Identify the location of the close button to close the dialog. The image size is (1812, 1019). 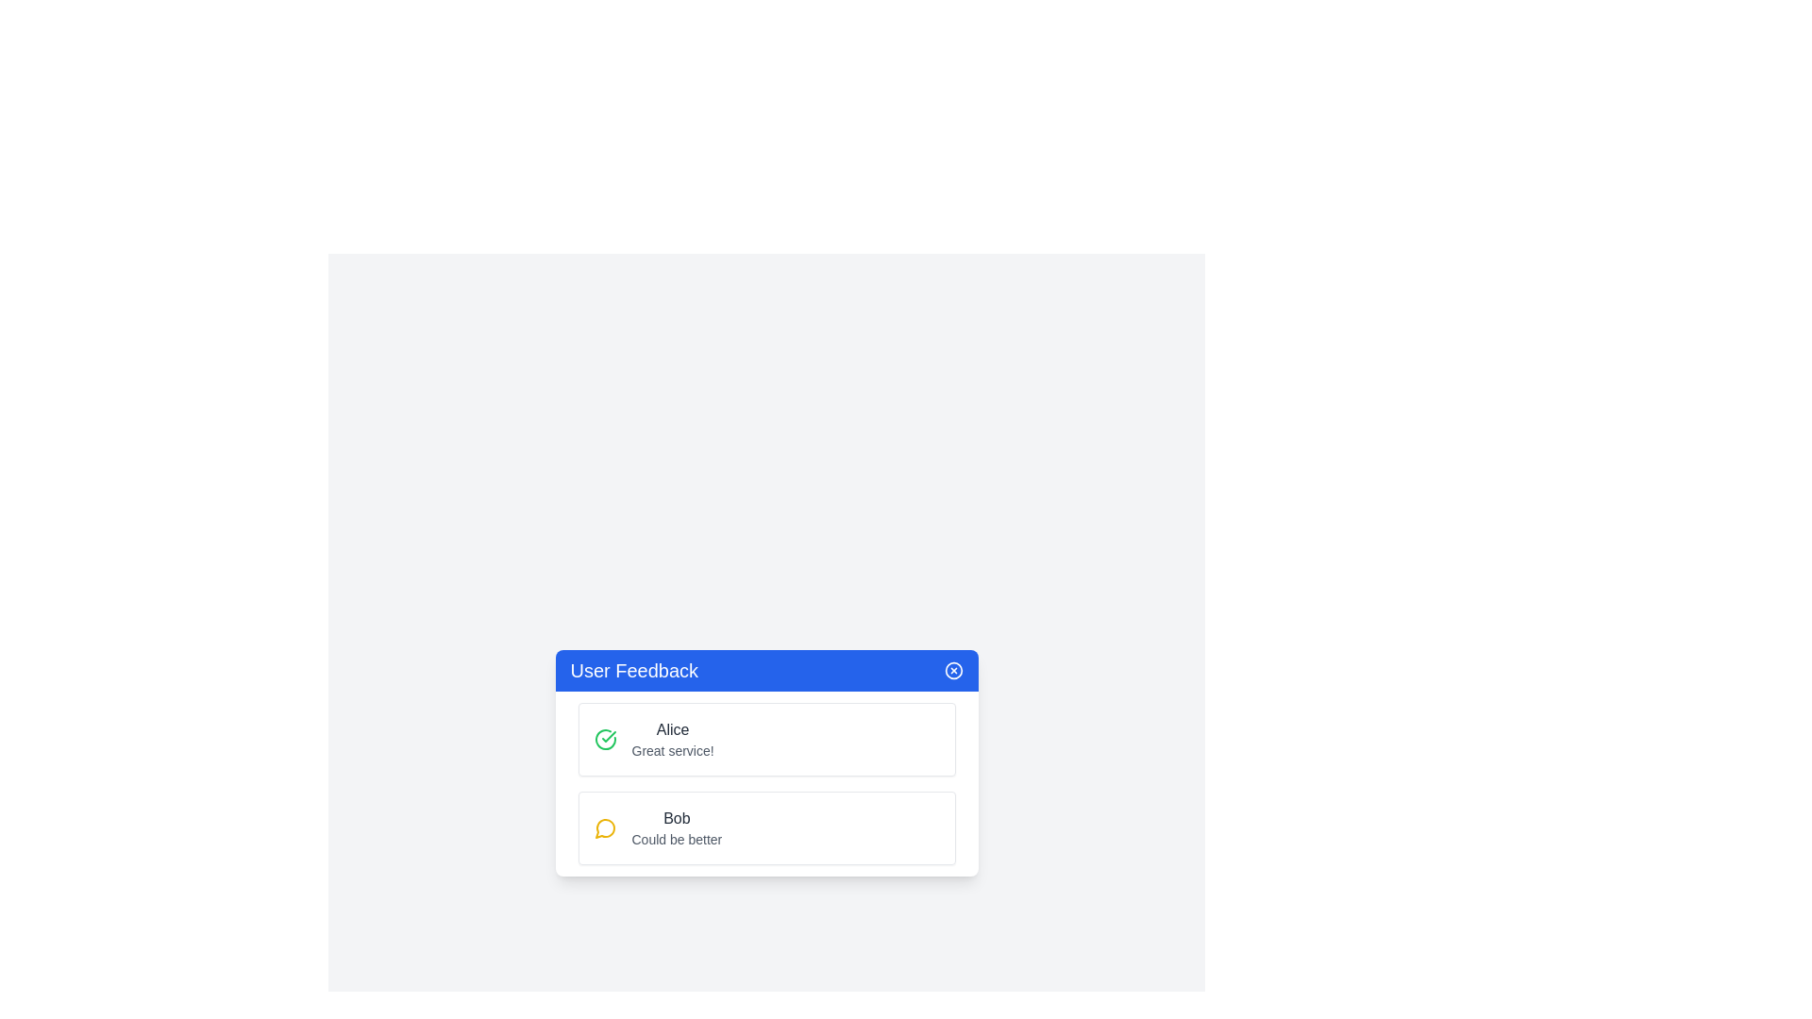
(953, 669).